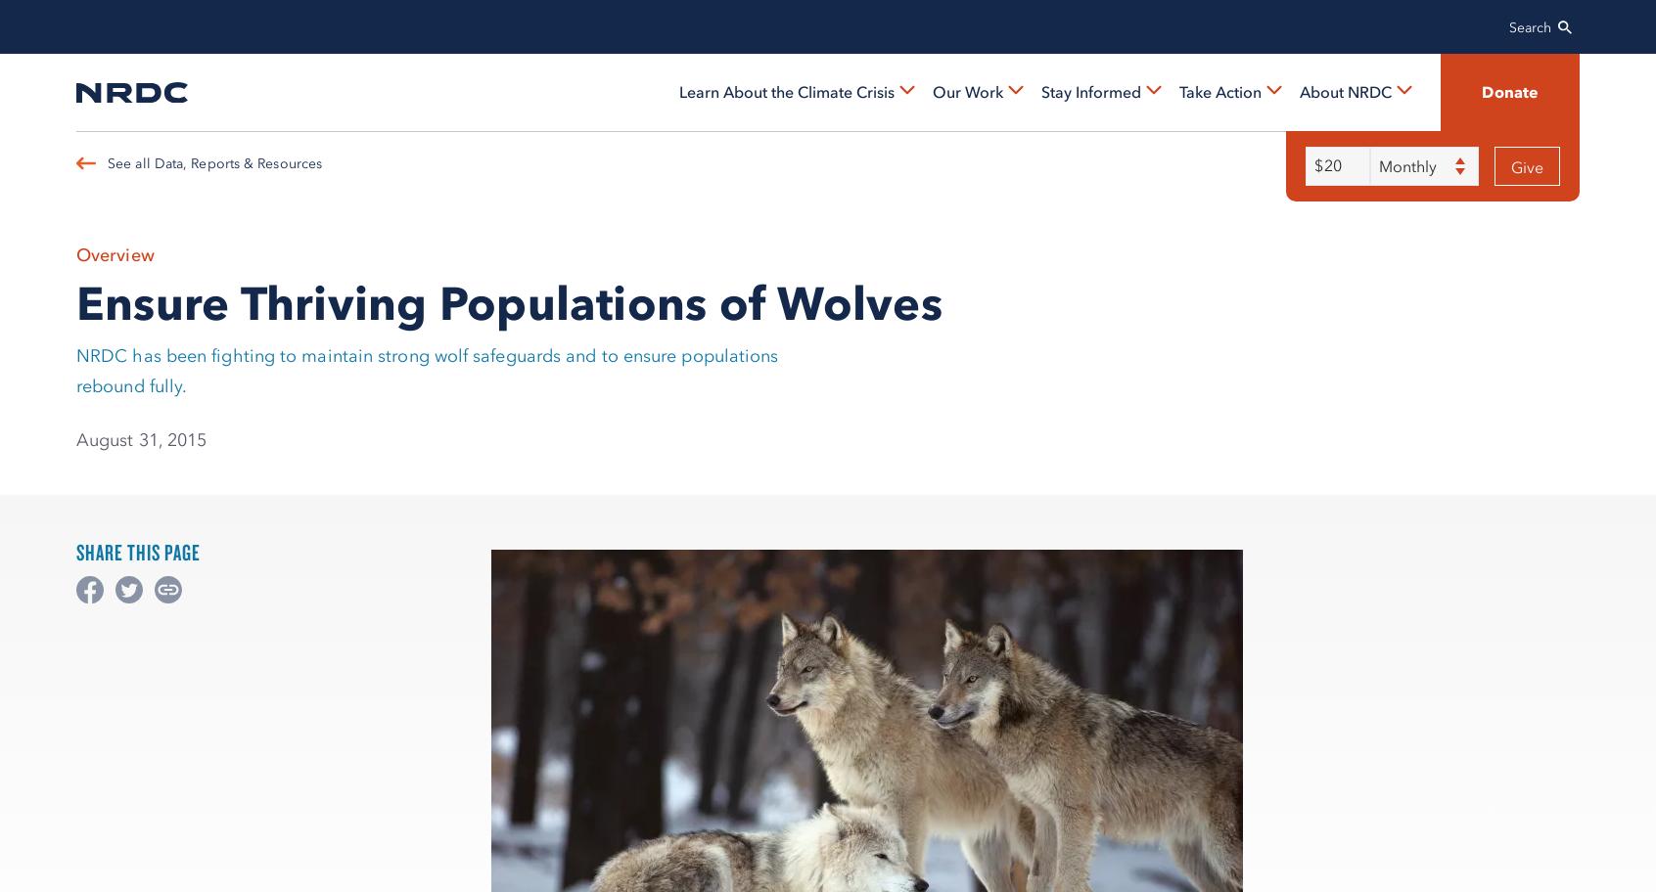  Describe the element at coordinates (76, 254) in the screenshot. I see `'Overview'` at that location.